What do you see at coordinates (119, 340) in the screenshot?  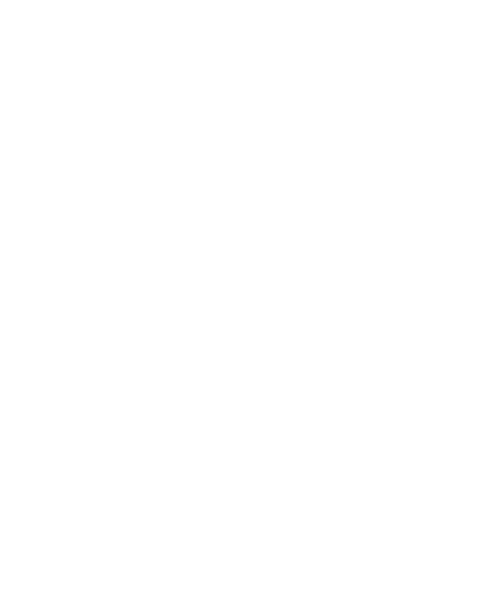 I see `'Telos Alliance Debuts New Quasar, Jünger Audio Products'` at bounding box center [119, 340].